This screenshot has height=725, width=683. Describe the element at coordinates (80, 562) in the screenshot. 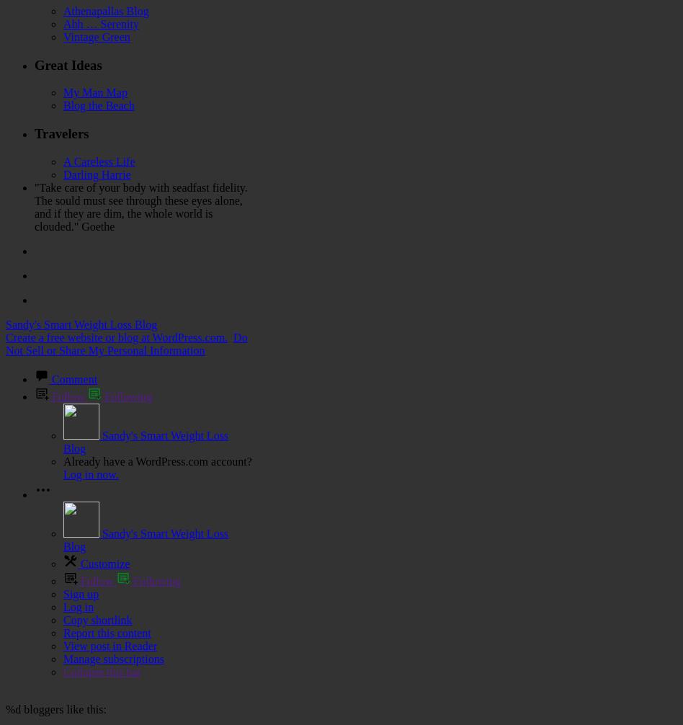

I see `'Customize'` at that location.